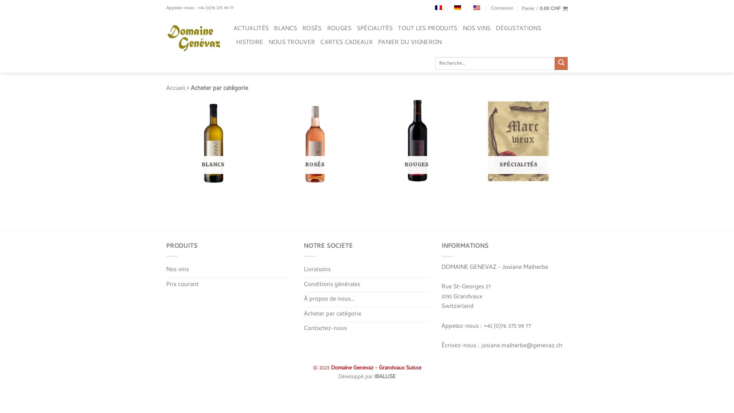 The height and width of the screenshot is (413, 734). I want to click on 'Connexion', so click(502, 9).